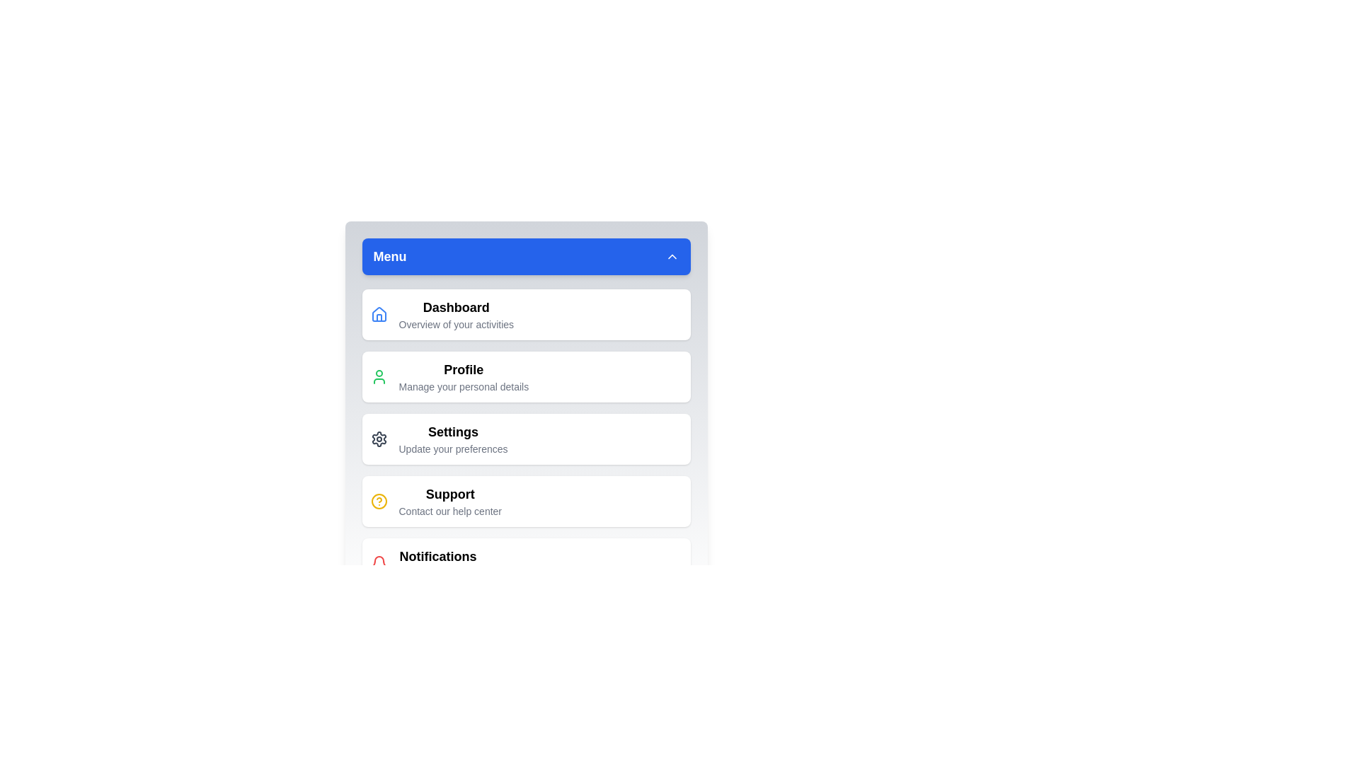  I want to click on the bold 'Support' text label within the third content card in the main navigation menu, so click(449, 501).